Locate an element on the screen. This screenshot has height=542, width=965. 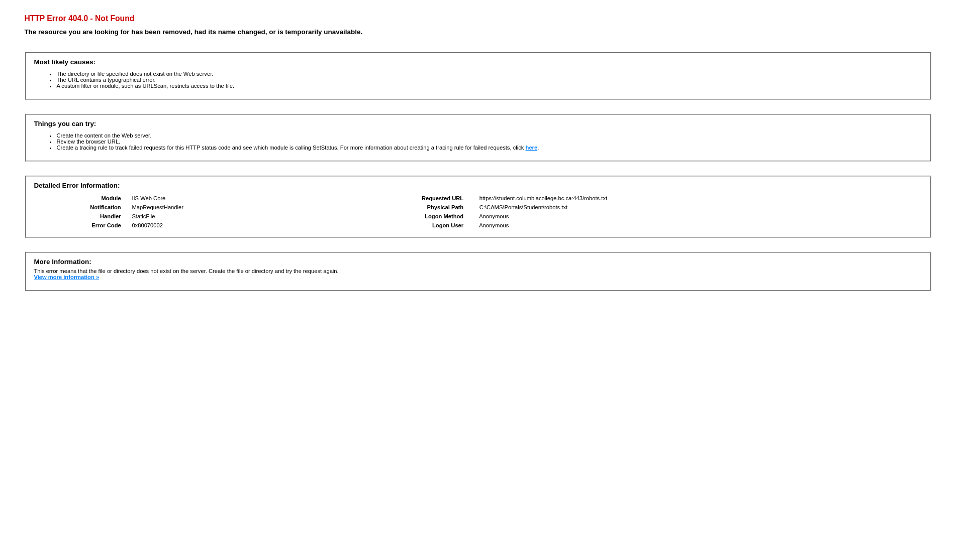
'here' is located at coordinates (531, 147).